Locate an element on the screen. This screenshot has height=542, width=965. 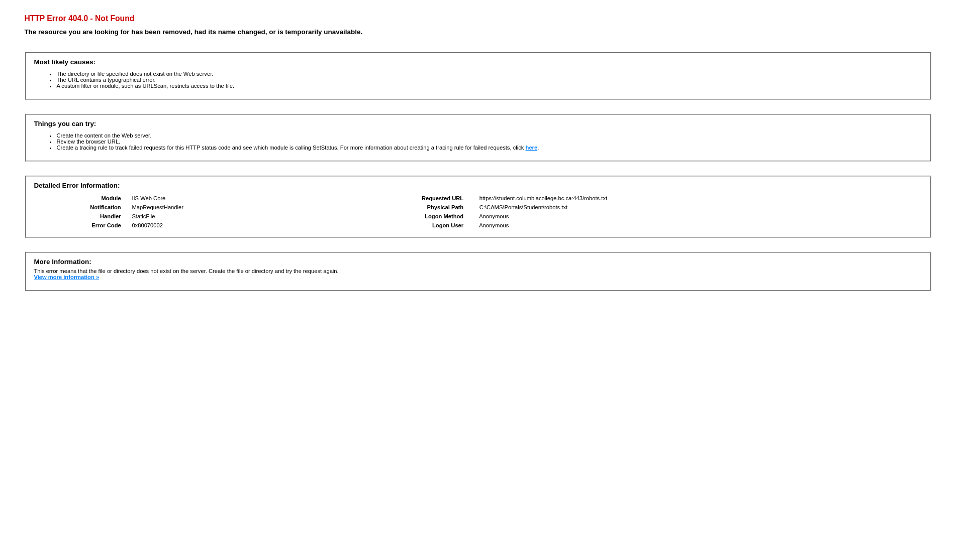
'here' is located at coordinates (531, 147).